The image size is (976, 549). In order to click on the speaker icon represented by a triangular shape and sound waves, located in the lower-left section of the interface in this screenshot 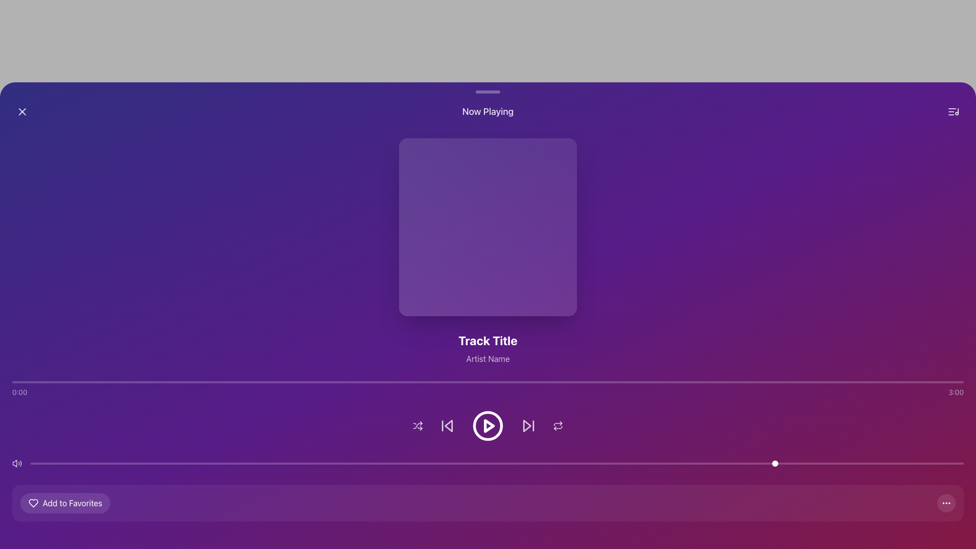, I will do `click(15, 463)`.